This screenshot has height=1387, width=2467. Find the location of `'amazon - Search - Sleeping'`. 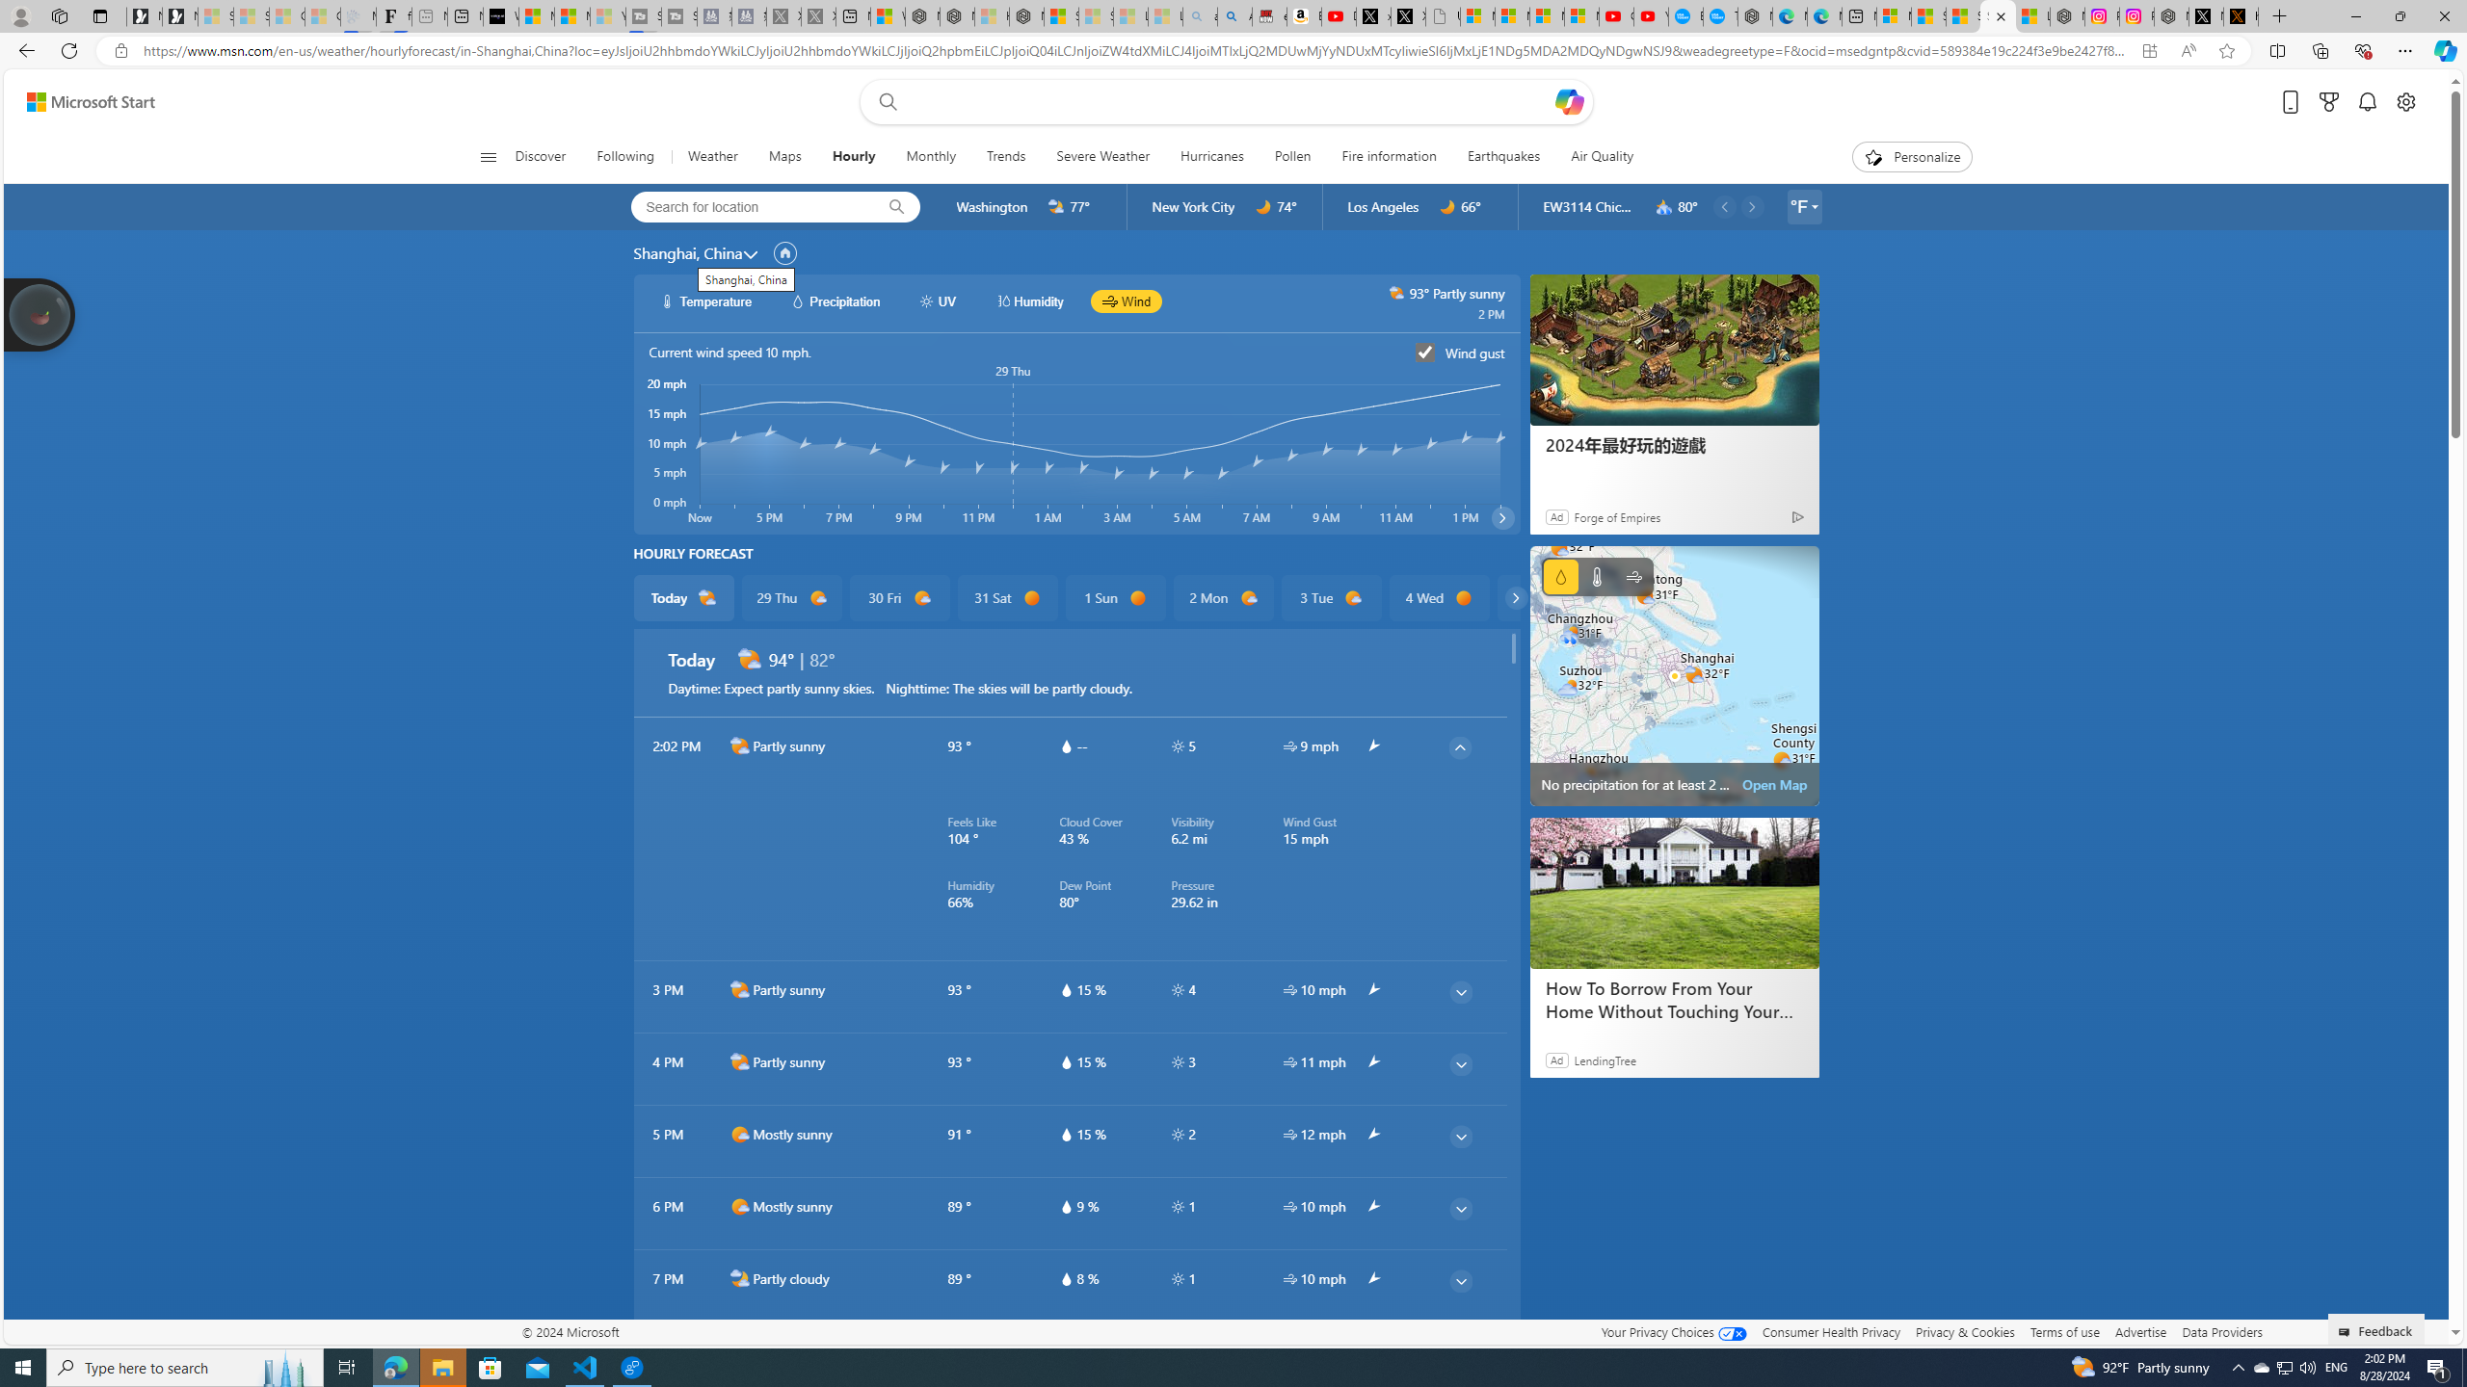

'amazon - Search - Sleeping' is located at coordinates (1199, 15).